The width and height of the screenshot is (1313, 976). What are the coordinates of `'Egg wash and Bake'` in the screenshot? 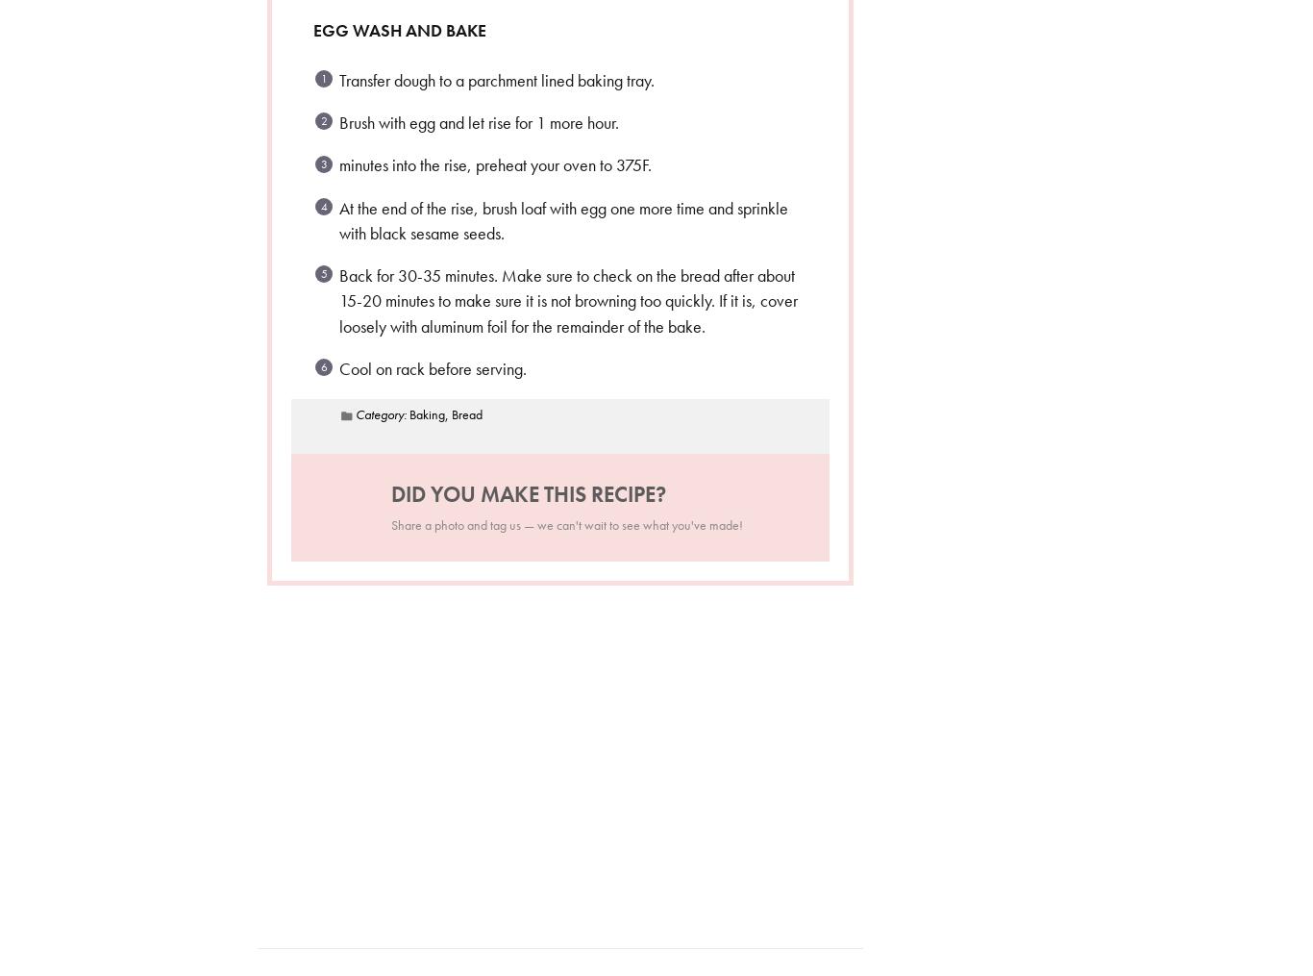 It's located at (397, 28).